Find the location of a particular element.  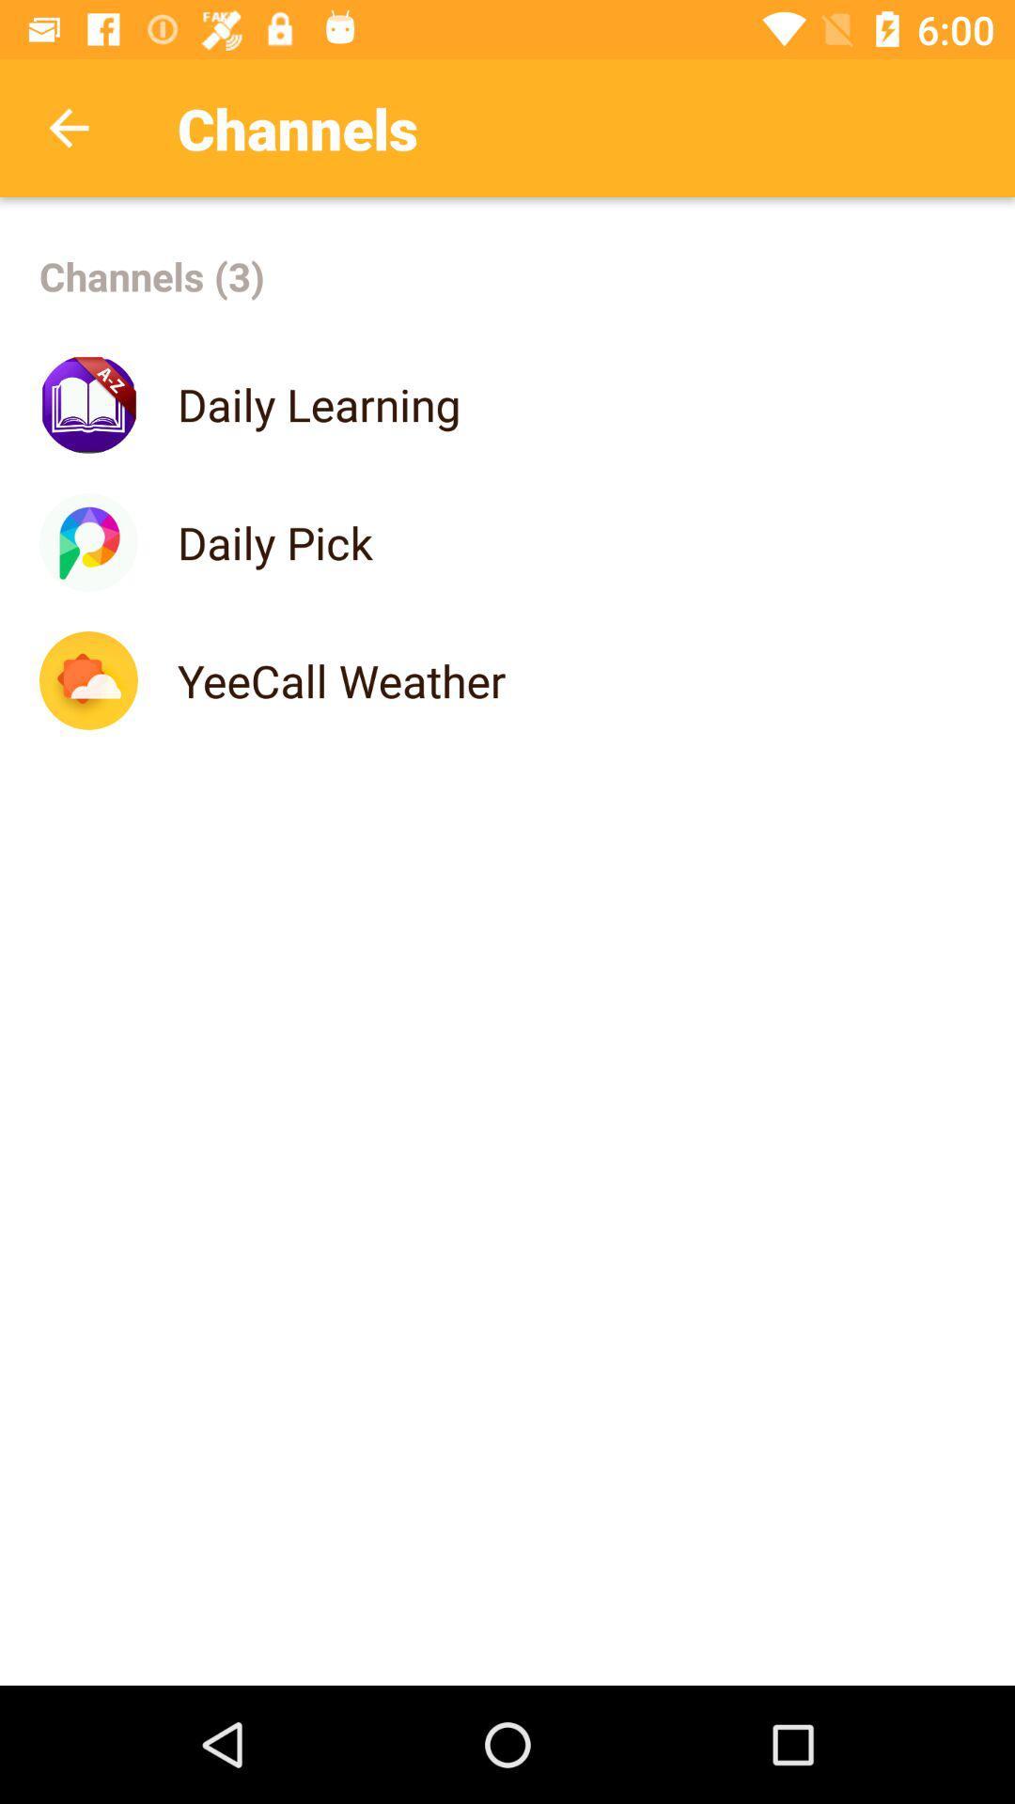

icon above channels (3) icon is located at coordinates (68, 127).